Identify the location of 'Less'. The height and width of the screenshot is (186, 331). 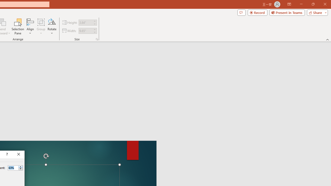
(20, 169).